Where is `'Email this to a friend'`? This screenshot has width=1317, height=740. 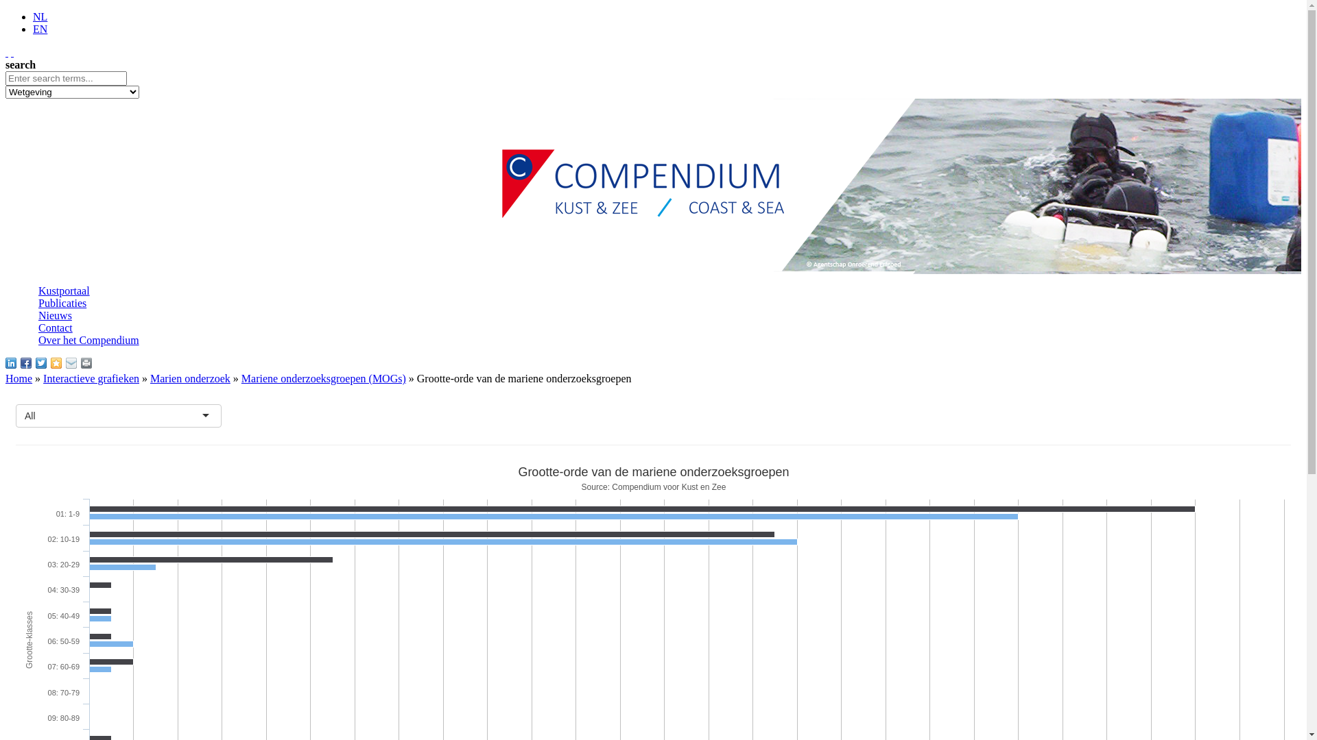 'Email this to a friend' is located at coordinates (71, 362).